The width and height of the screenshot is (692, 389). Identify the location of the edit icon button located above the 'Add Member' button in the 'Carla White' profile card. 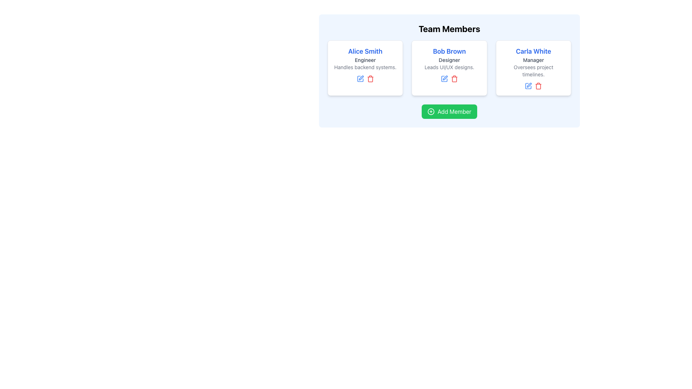
(529, 85).